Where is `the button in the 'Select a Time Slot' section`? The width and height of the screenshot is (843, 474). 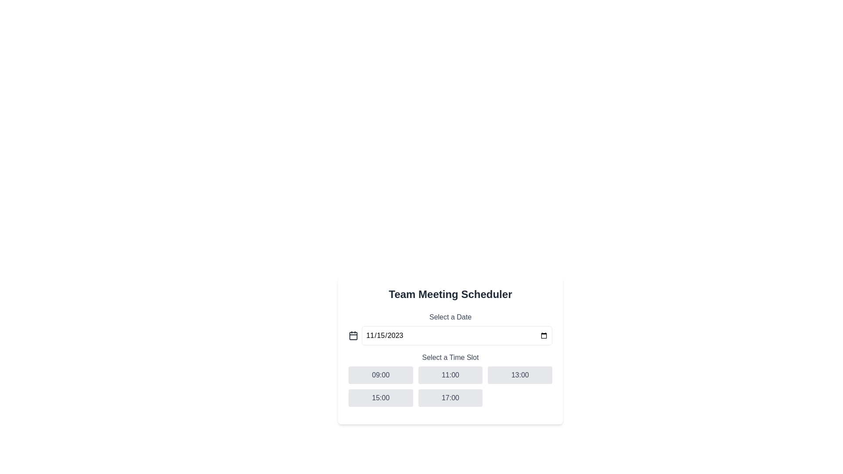
the button in the 'Select a Time Slot' section is located at coordinates (381, 398).